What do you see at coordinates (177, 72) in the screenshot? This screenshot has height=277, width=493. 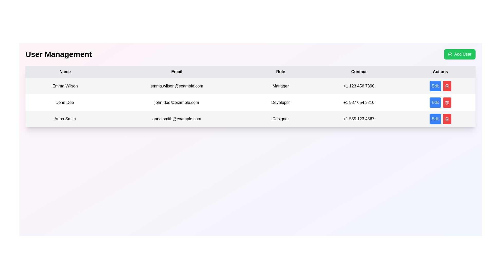 I see `the Text header in the user management table that labels the column for email addresses, positioned between 'Name' and 'Role'` at bounding box center [177, 72].